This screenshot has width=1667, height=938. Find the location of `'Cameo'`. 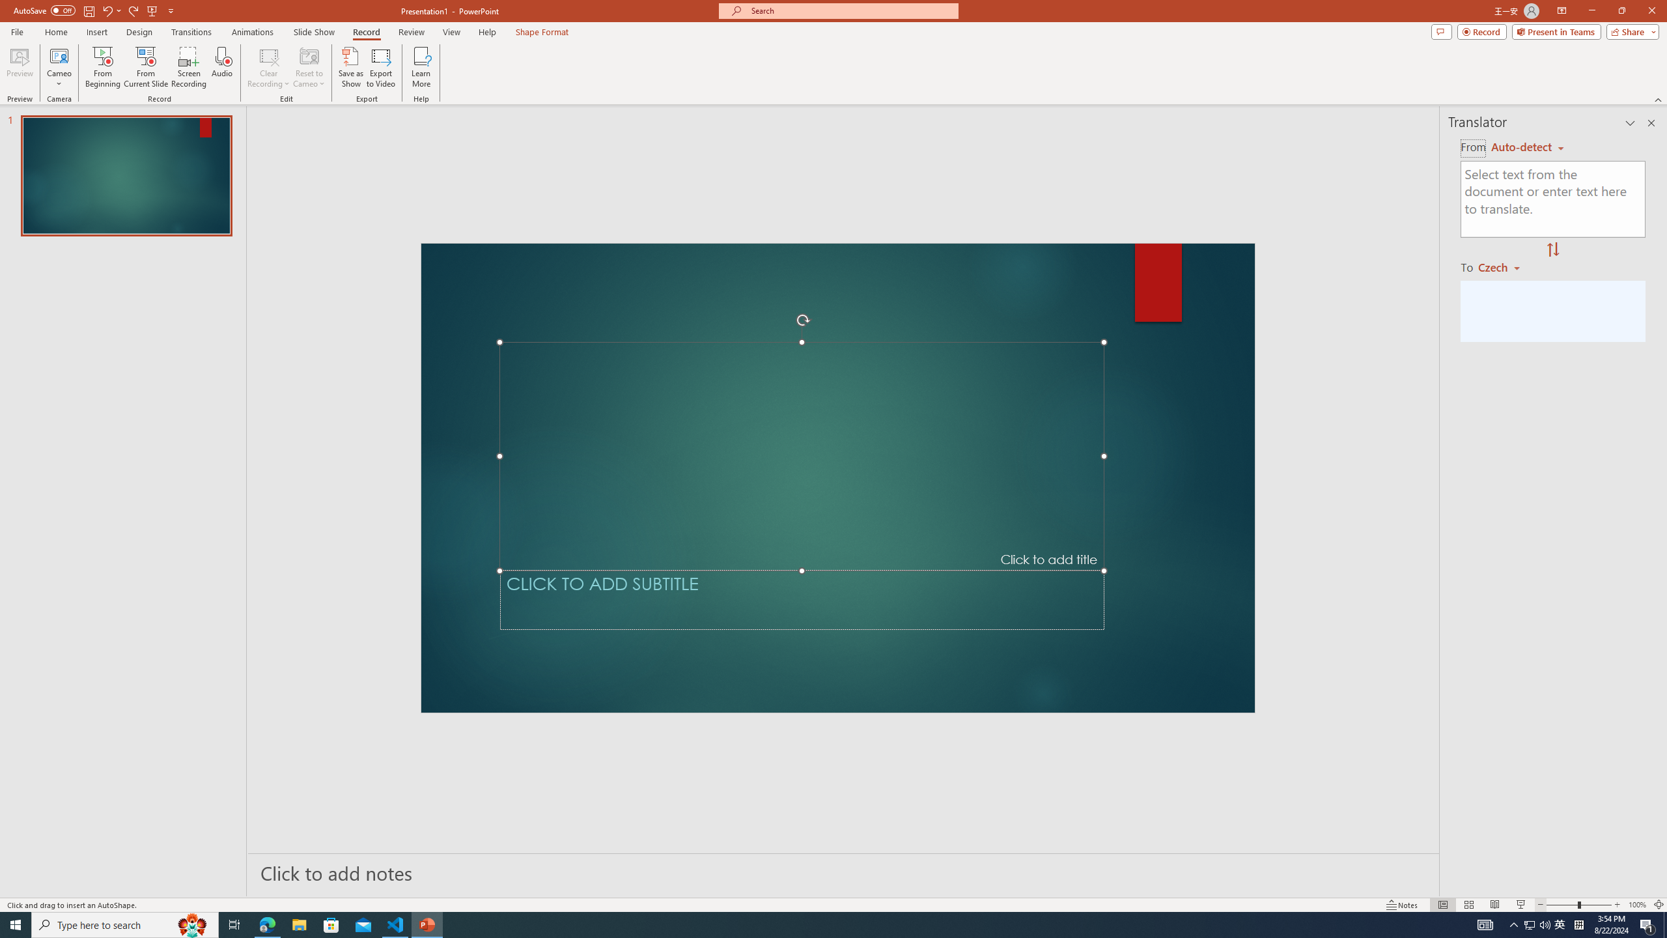

'Cameo' is located at coordinates (58, 55).